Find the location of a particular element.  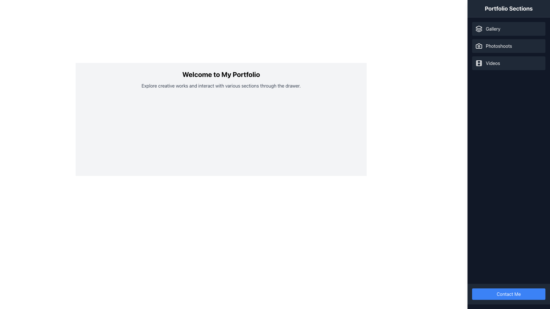

the 'Photoshoots' camera icon located on the left within the 'Photoshoots' button in the menu list on the right side of the interface is located at coordinates (479, 46).